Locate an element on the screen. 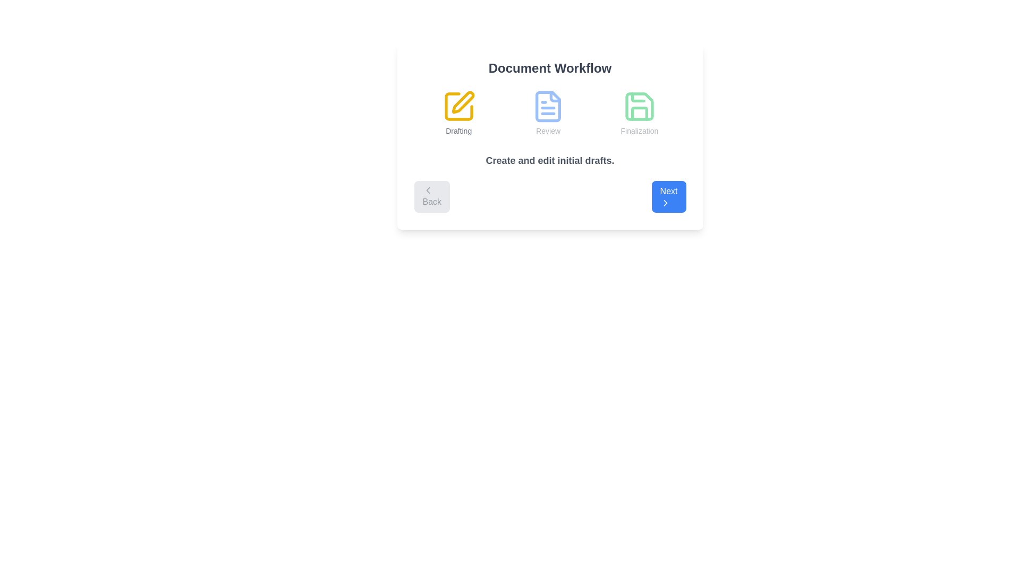 The image size is (1020, 573). the vertically stacked blue document icon with the gray label 'Review', which is the second item in a group of three icons is located at coordinates (548, 112).